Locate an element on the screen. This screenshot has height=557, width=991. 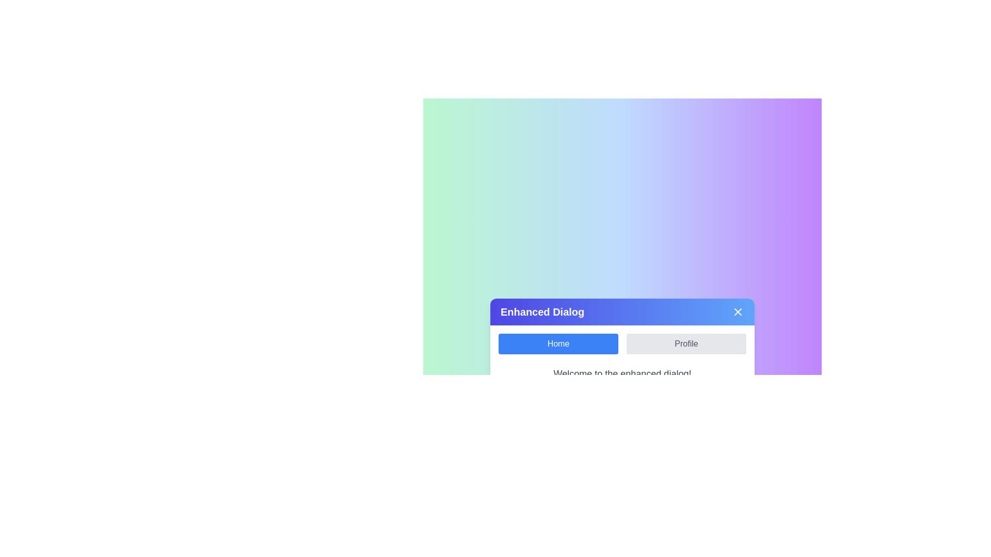
the 'Enhanced Dialog' text label which is styled with a large bold font and is located in the header section with a gradient blue background is located at coordinates (542, 312).